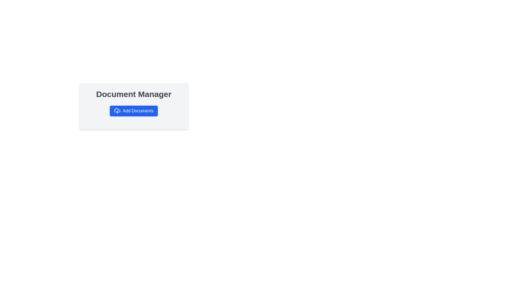  What do you see at coordinates (117, 111) in the screenshot?
I see `the icon located at the left side of the 'Add Documents' button in the 'Document Manager' card` at bounding box center [117, 111].